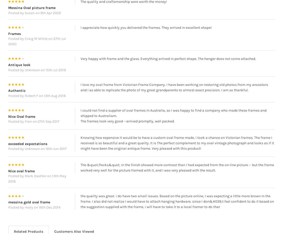 This screenshot has width=283, height=234. What do you see at coordinates (37, 186) in the screenshot?
I see `'Posted by Mark Daehler on 13th May 2016'` at bounding box center [37, 186].